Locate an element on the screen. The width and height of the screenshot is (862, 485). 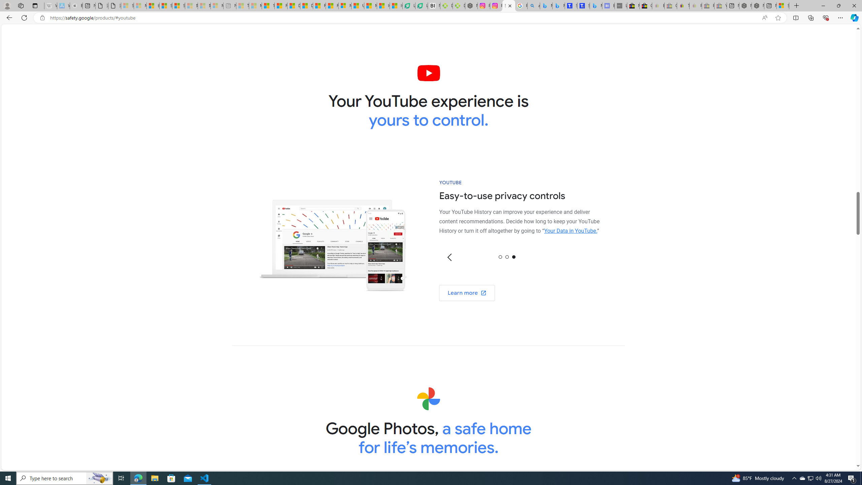
'US Heat Deaths Soared To Record High Last Year' is located at coordinates (357, 5).